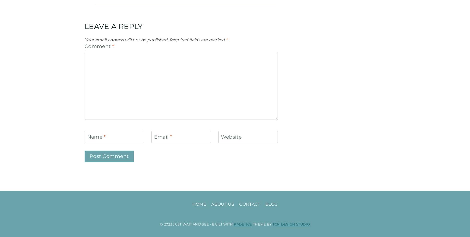  I want to click on 'Blog', so click(271, 204).